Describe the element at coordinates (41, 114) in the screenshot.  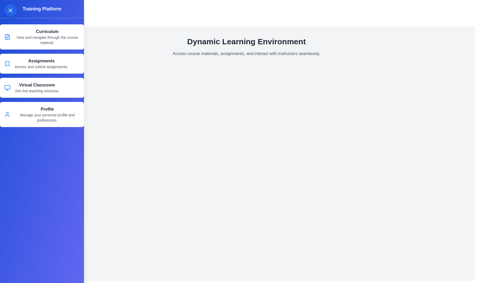
I see `the menu item Profile from the drawer` at that location.